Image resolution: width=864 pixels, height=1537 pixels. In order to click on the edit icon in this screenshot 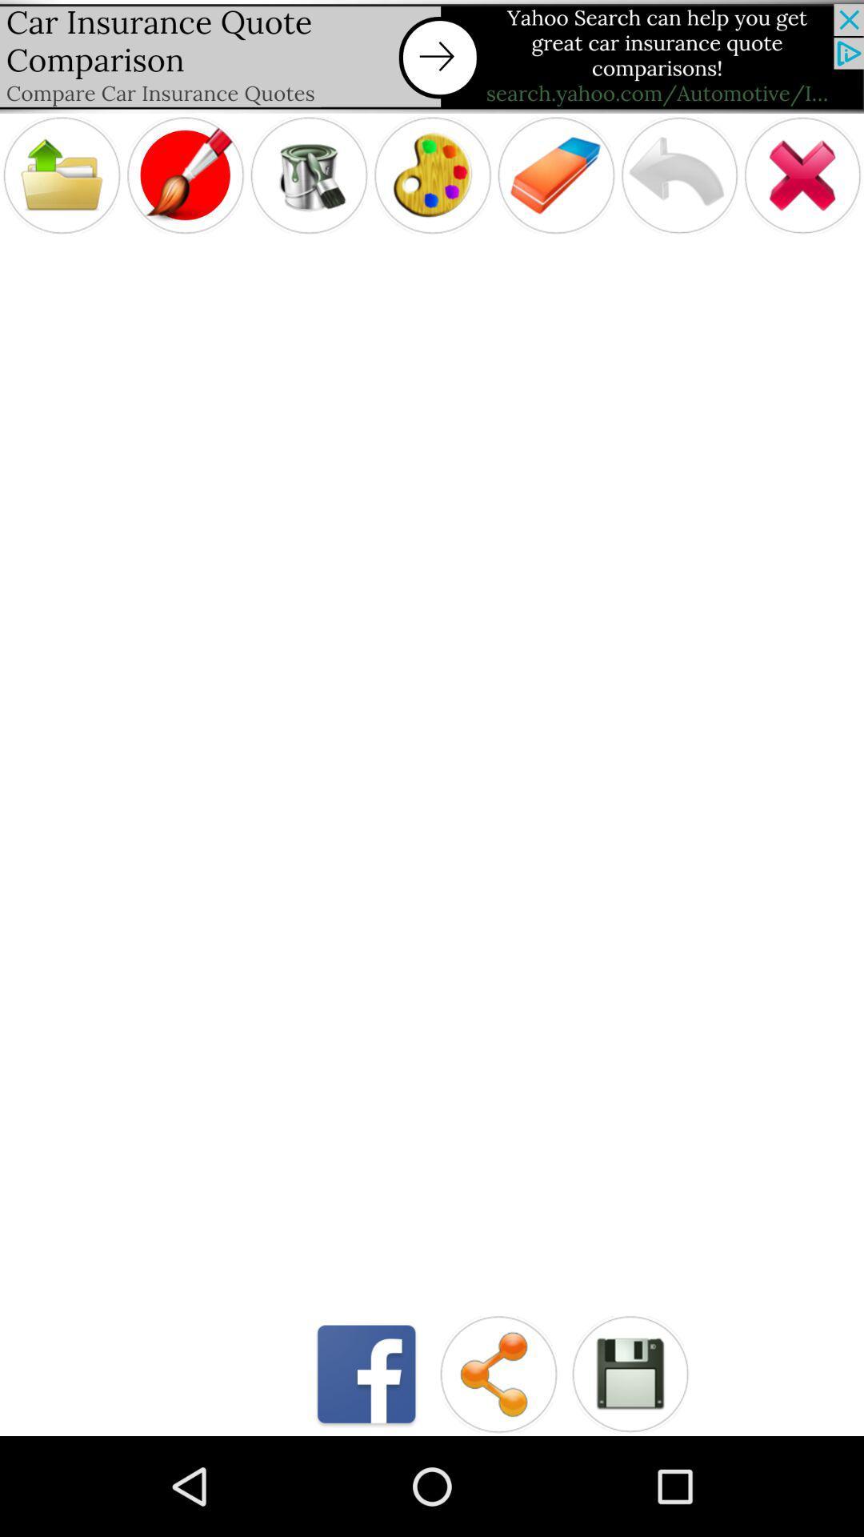, I will do `click(184, 187)`.